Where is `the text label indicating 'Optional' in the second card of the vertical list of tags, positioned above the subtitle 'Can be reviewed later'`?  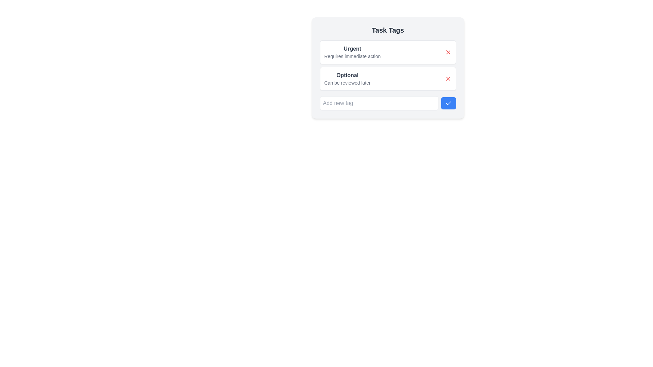
the text label indicating 'Optional' in the second card of the vertical list of tags, positioned above the subtitle 'Can be reviewed later' is located at coordinates (347, 75).